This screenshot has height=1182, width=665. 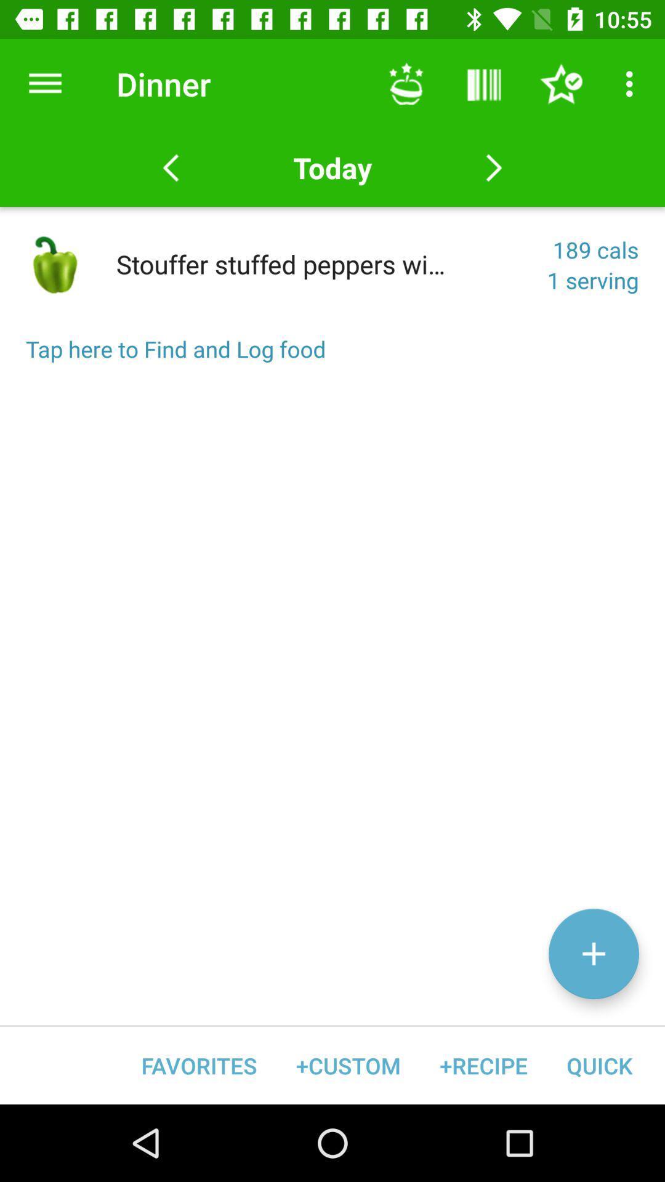 What do you see at coordinates (406, 83) in the screenshot?
I see `item above the today icon` at bounding box center [406, 83].